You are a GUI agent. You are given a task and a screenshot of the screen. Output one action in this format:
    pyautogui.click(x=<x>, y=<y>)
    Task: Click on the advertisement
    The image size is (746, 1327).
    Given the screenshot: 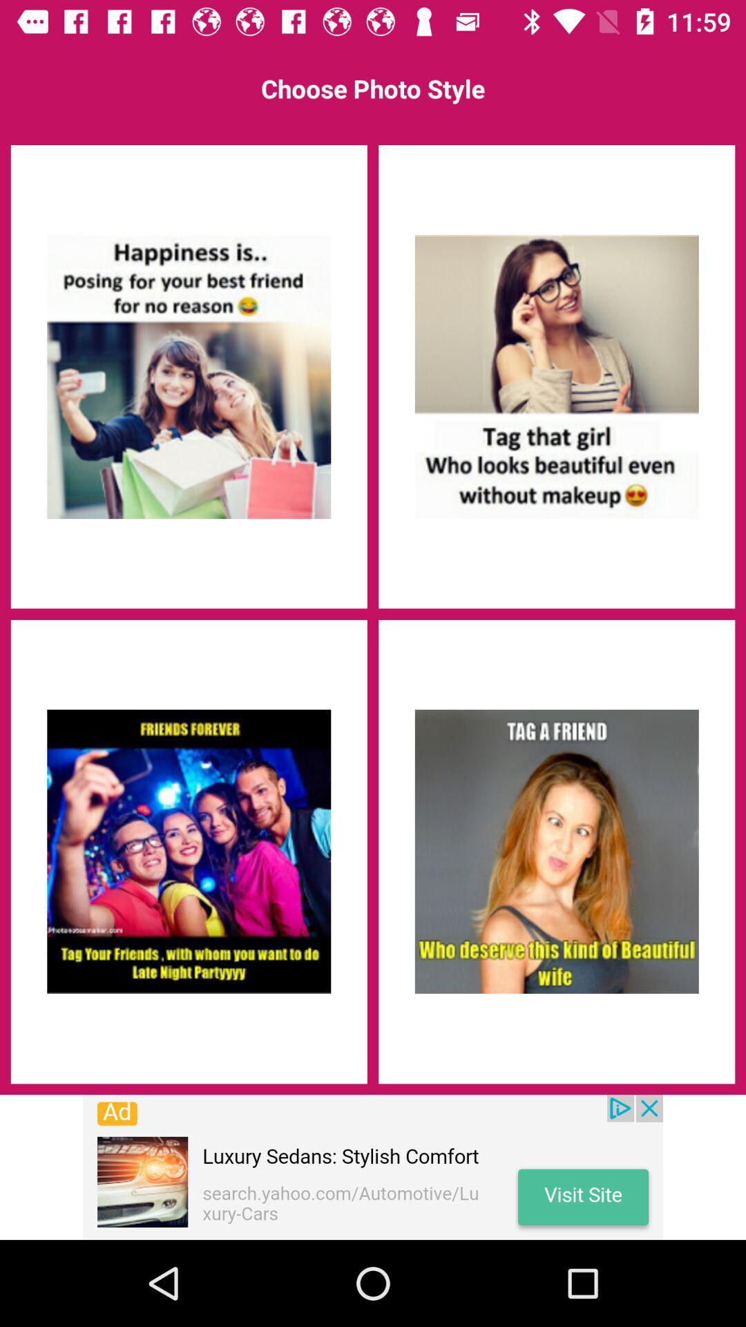 What is the action you would take?
    pyautogui.click(x=556, y=851)
    